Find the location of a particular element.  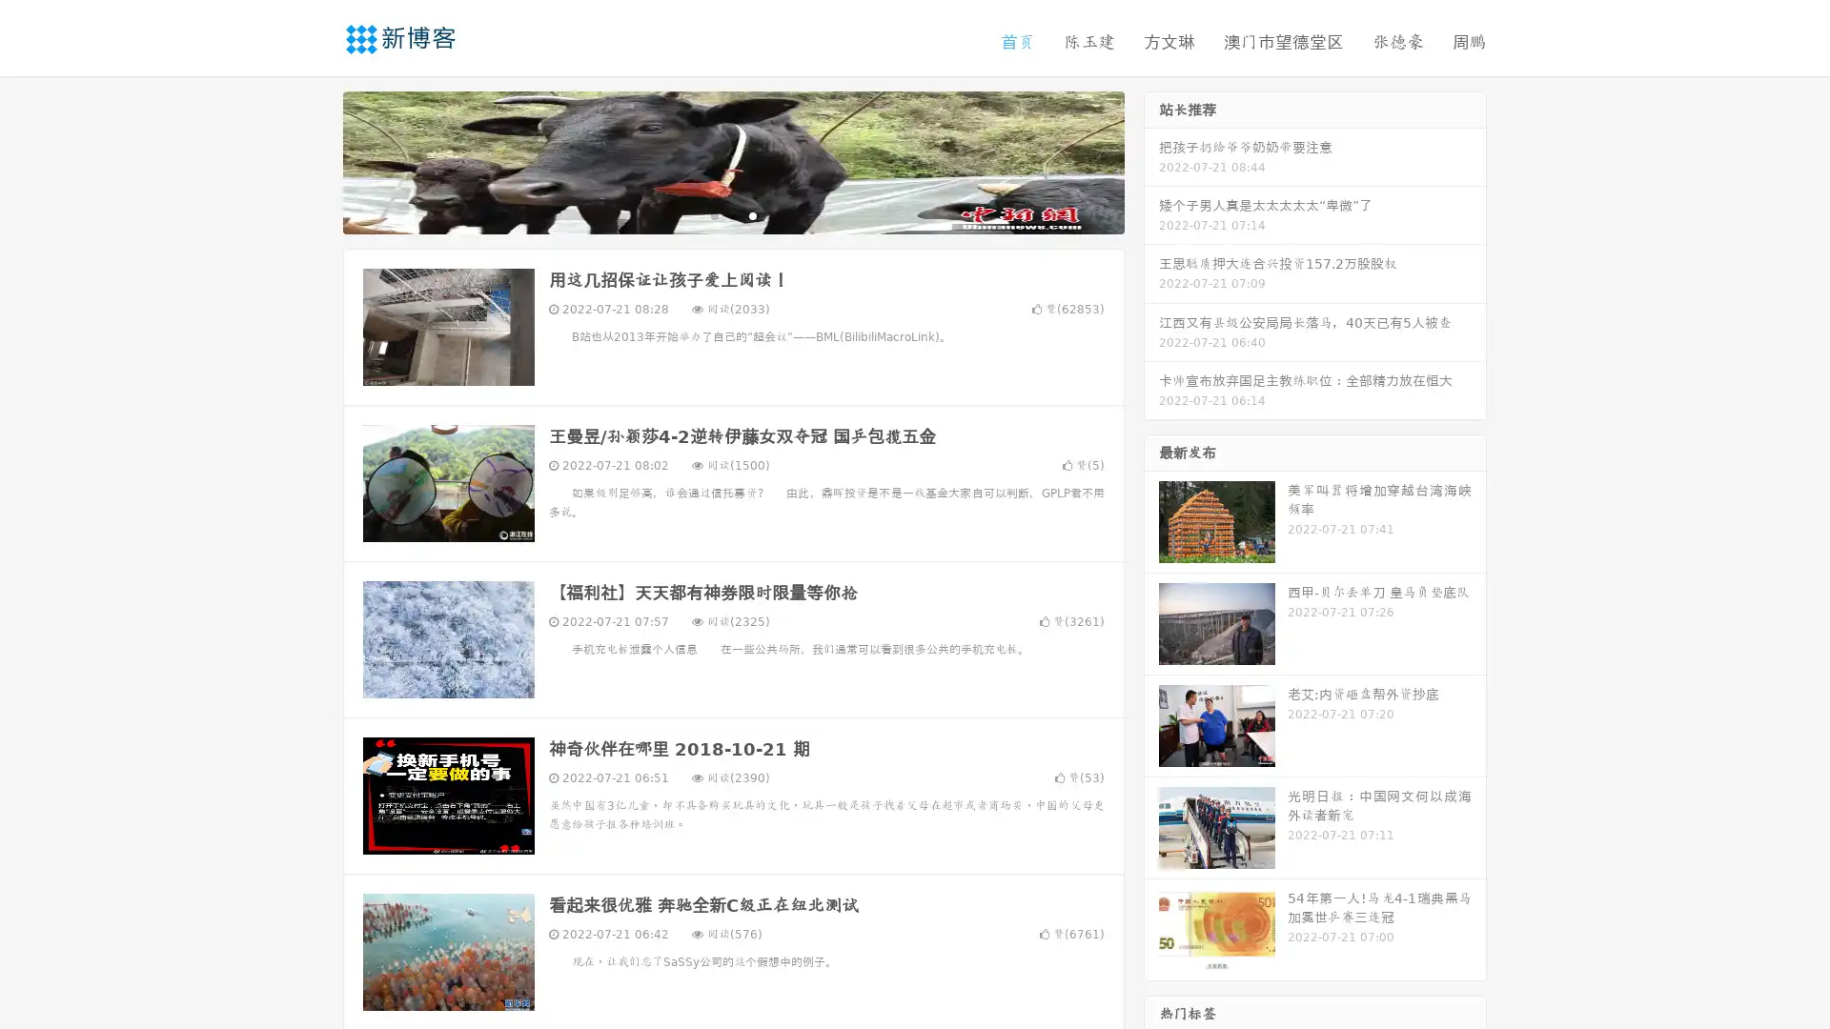

Next slide is located at coordinates (1151, 160).